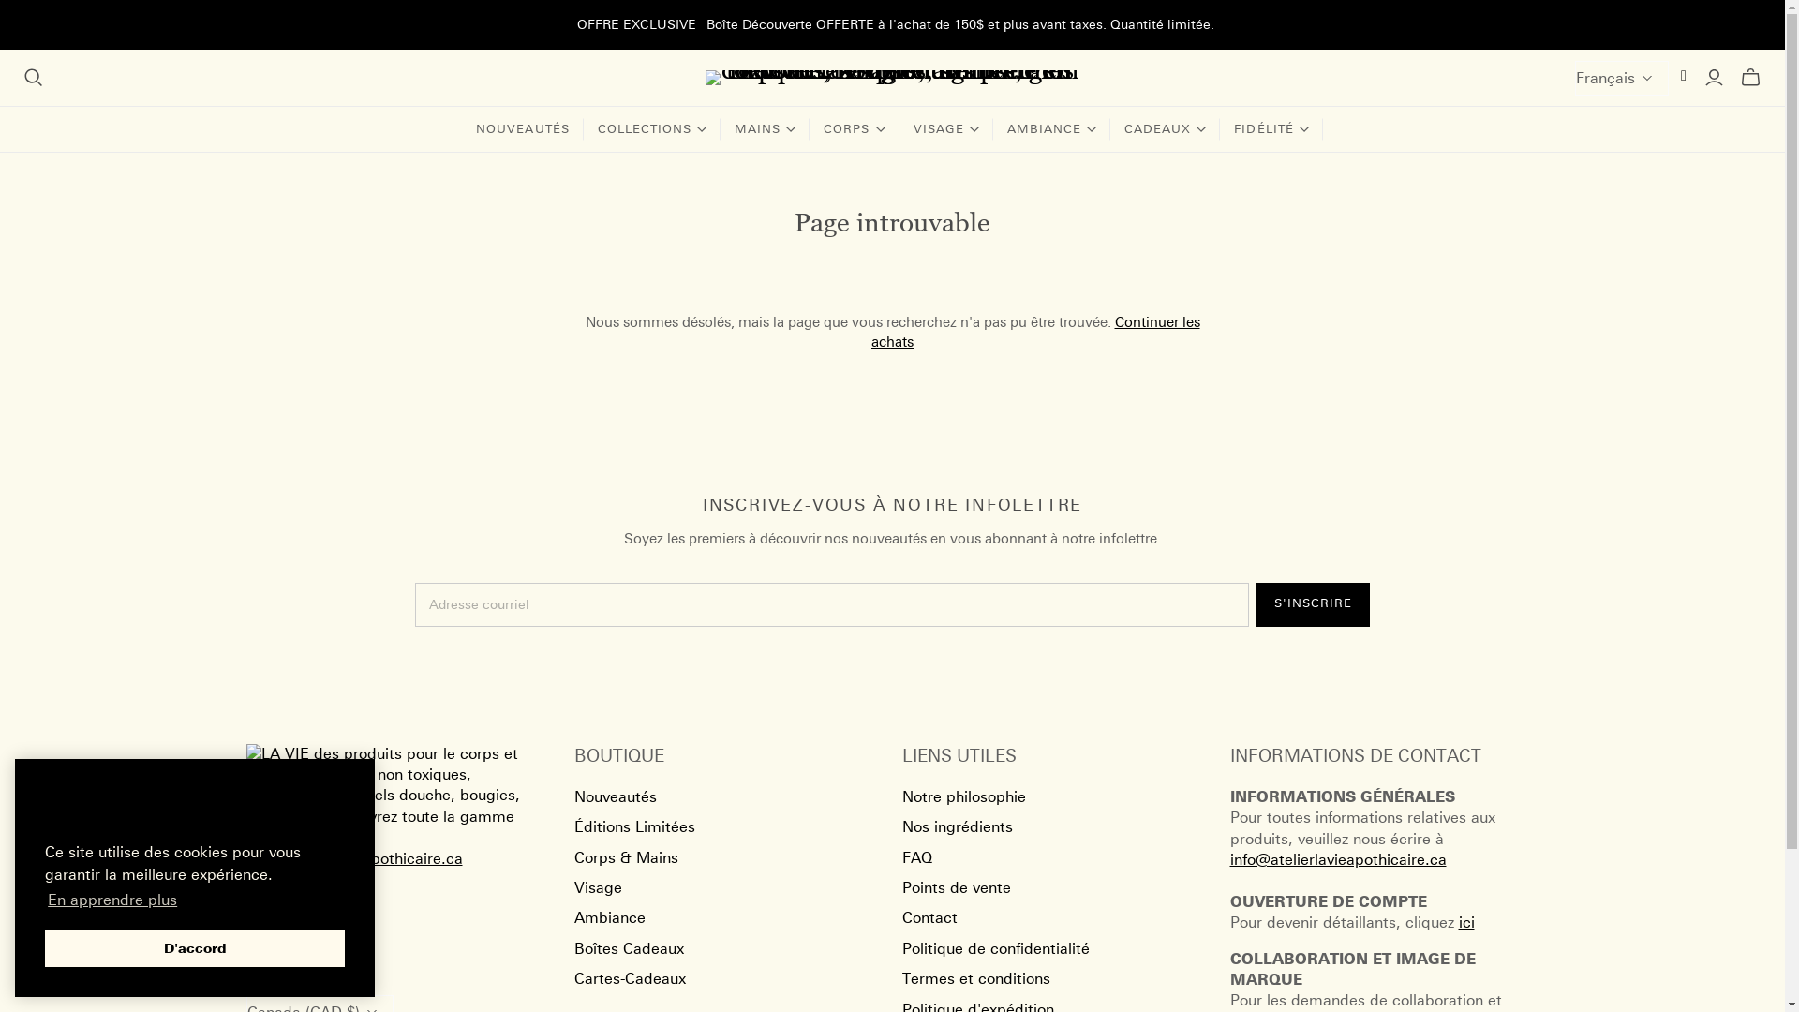  Describe the element at coordinates (962, 796) in the screenshot. I see `'Notre philosophie'` at that location.